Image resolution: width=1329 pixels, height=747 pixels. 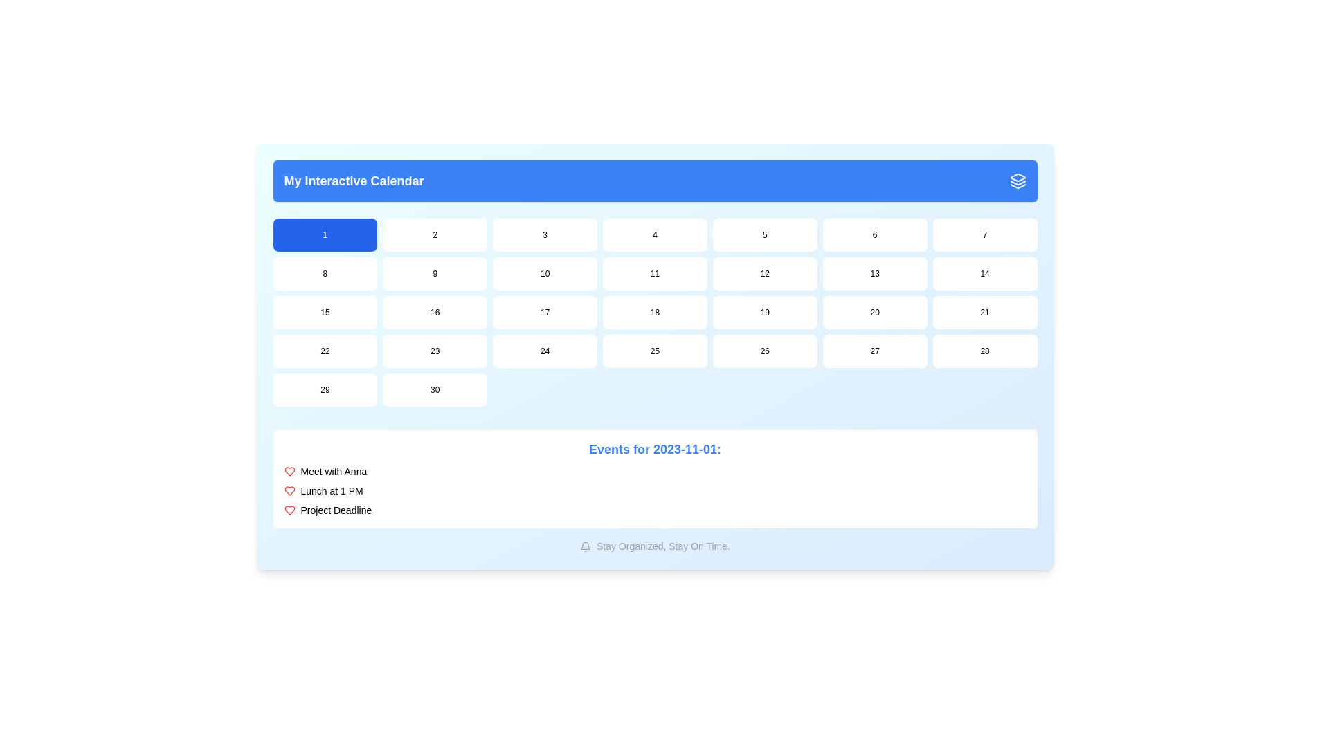 I want to click on the interactive button for selecting the date 27th, so click(x=874, y=351).